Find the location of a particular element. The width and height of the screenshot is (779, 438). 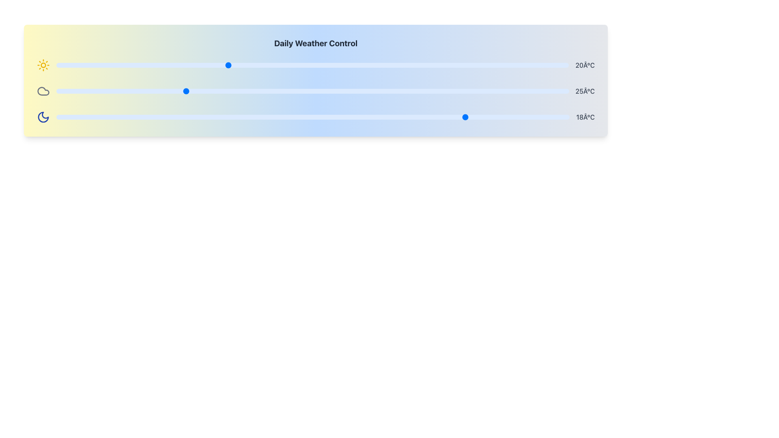

the morning temperature is located at coordinates (466, 65).